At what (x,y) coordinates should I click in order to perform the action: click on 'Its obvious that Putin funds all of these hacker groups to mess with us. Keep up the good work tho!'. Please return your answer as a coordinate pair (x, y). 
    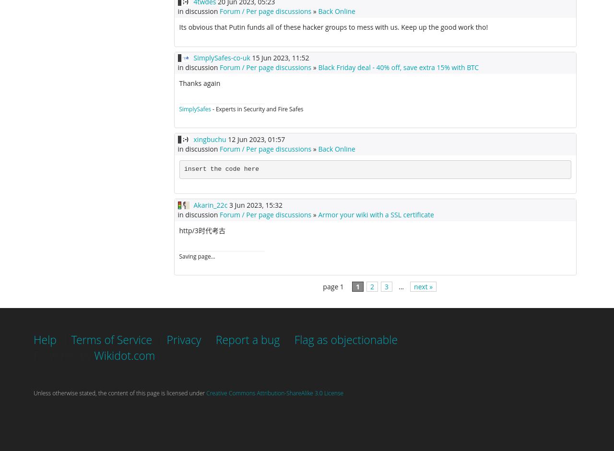
    Looking at the image, I should click on (333, 26).